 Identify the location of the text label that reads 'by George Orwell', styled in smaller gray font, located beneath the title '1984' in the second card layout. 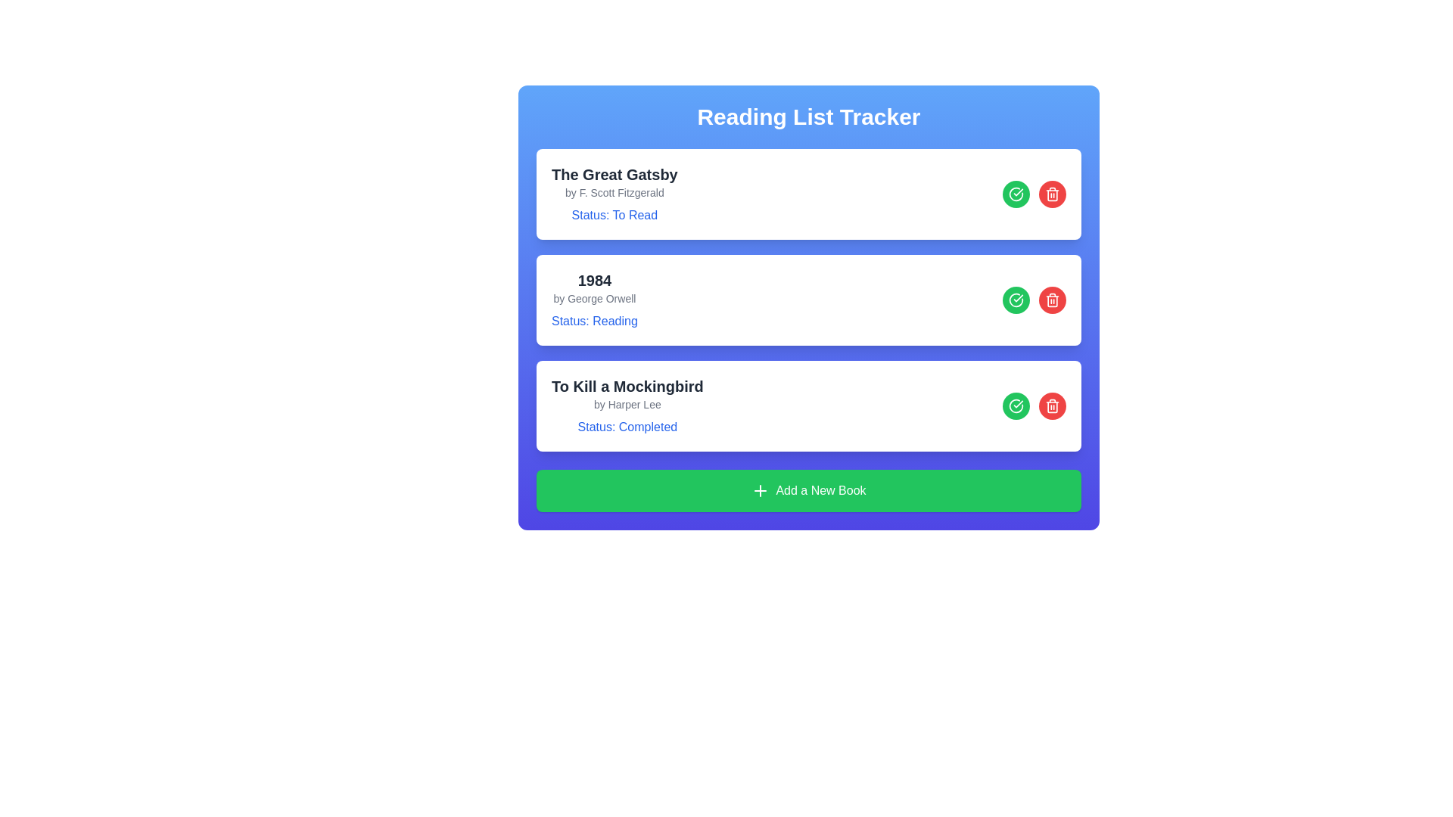
(593, 298).